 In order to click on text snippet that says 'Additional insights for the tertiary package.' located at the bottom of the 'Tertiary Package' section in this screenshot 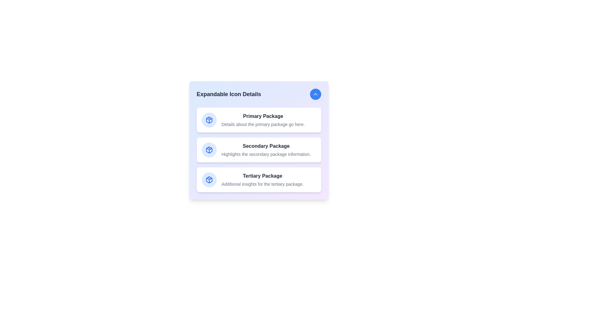, I will do `click(262, 184)`.